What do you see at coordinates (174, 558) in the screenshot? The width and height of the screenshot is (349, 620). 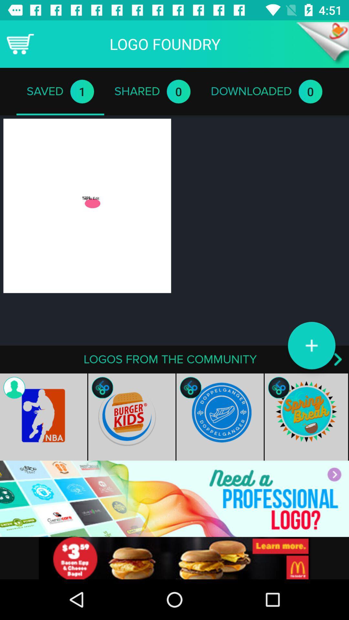 I see `share the article` at bounding box center [174, 558].